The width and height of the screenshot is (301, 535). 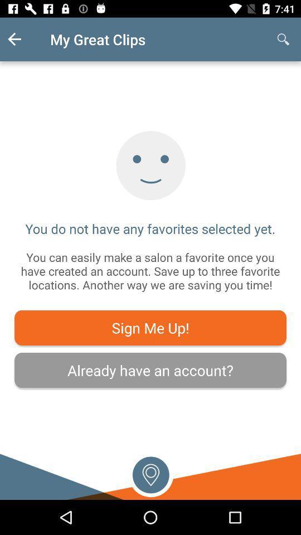 What do you see at coordinates (23, 39) in the screenshot?
I see `the item to the left of the my great clips item` at bounding box center [23, 39].